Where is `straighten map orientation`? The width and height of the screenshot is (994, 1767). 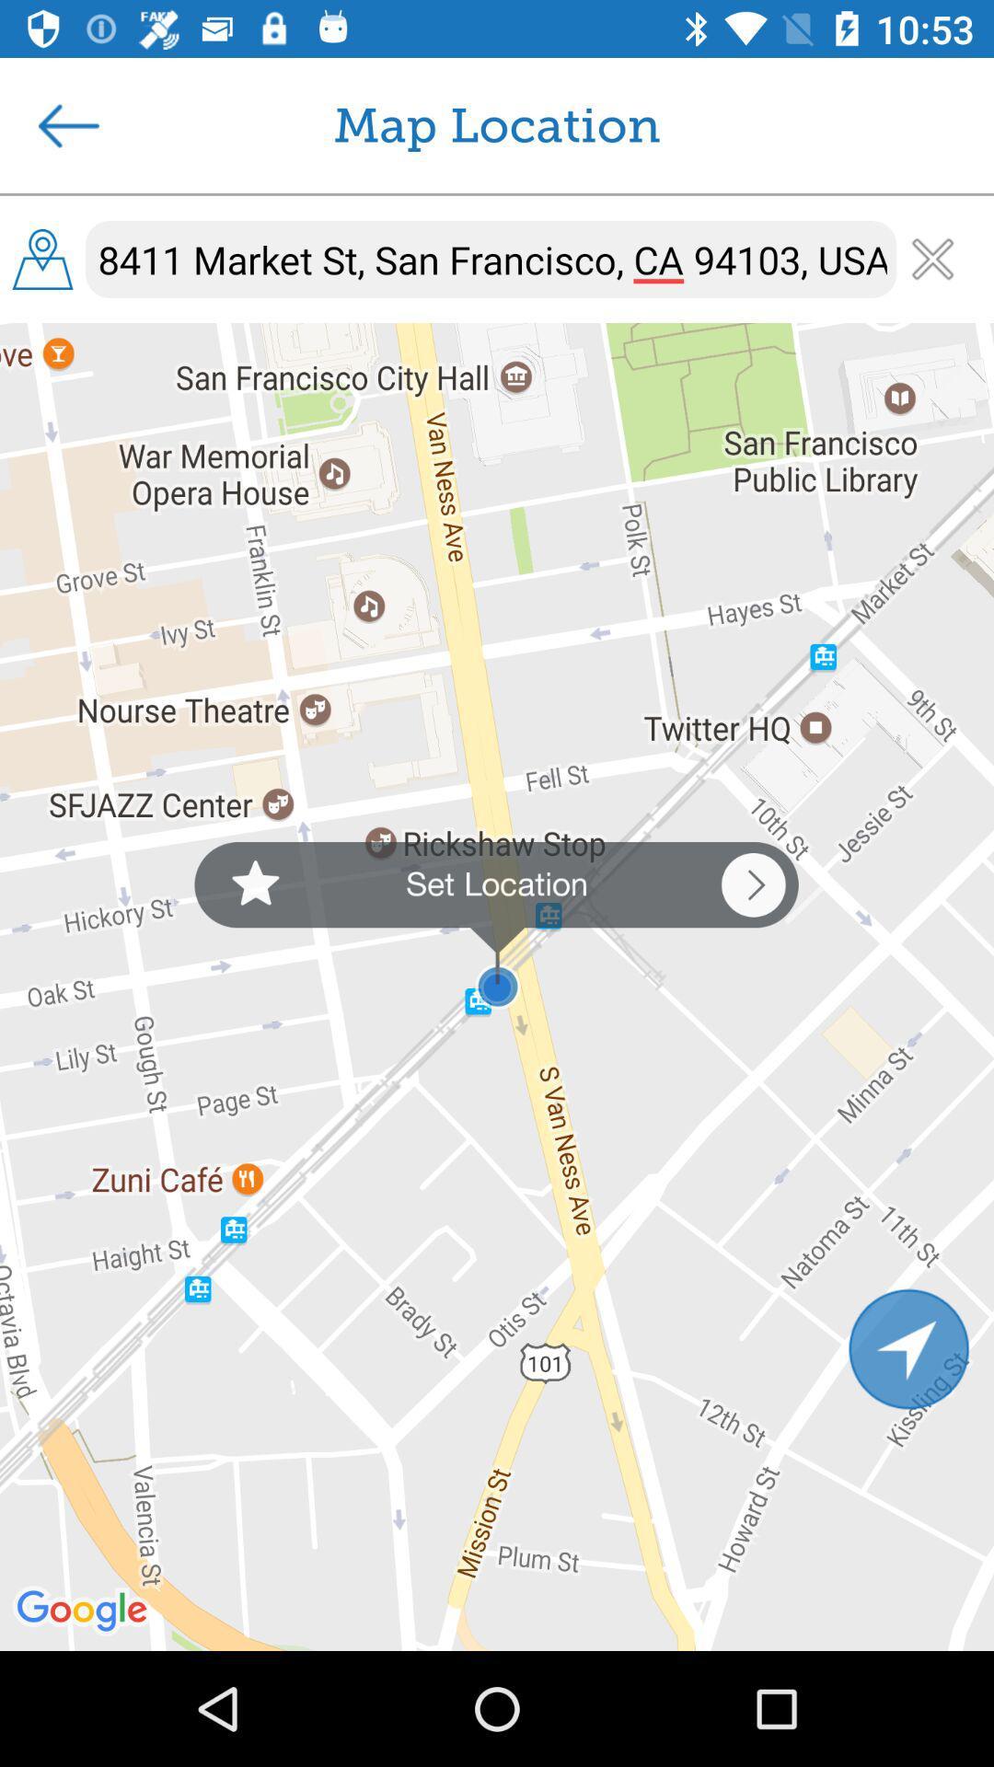
straighten map orientation is located at coordinates (908, 1348).